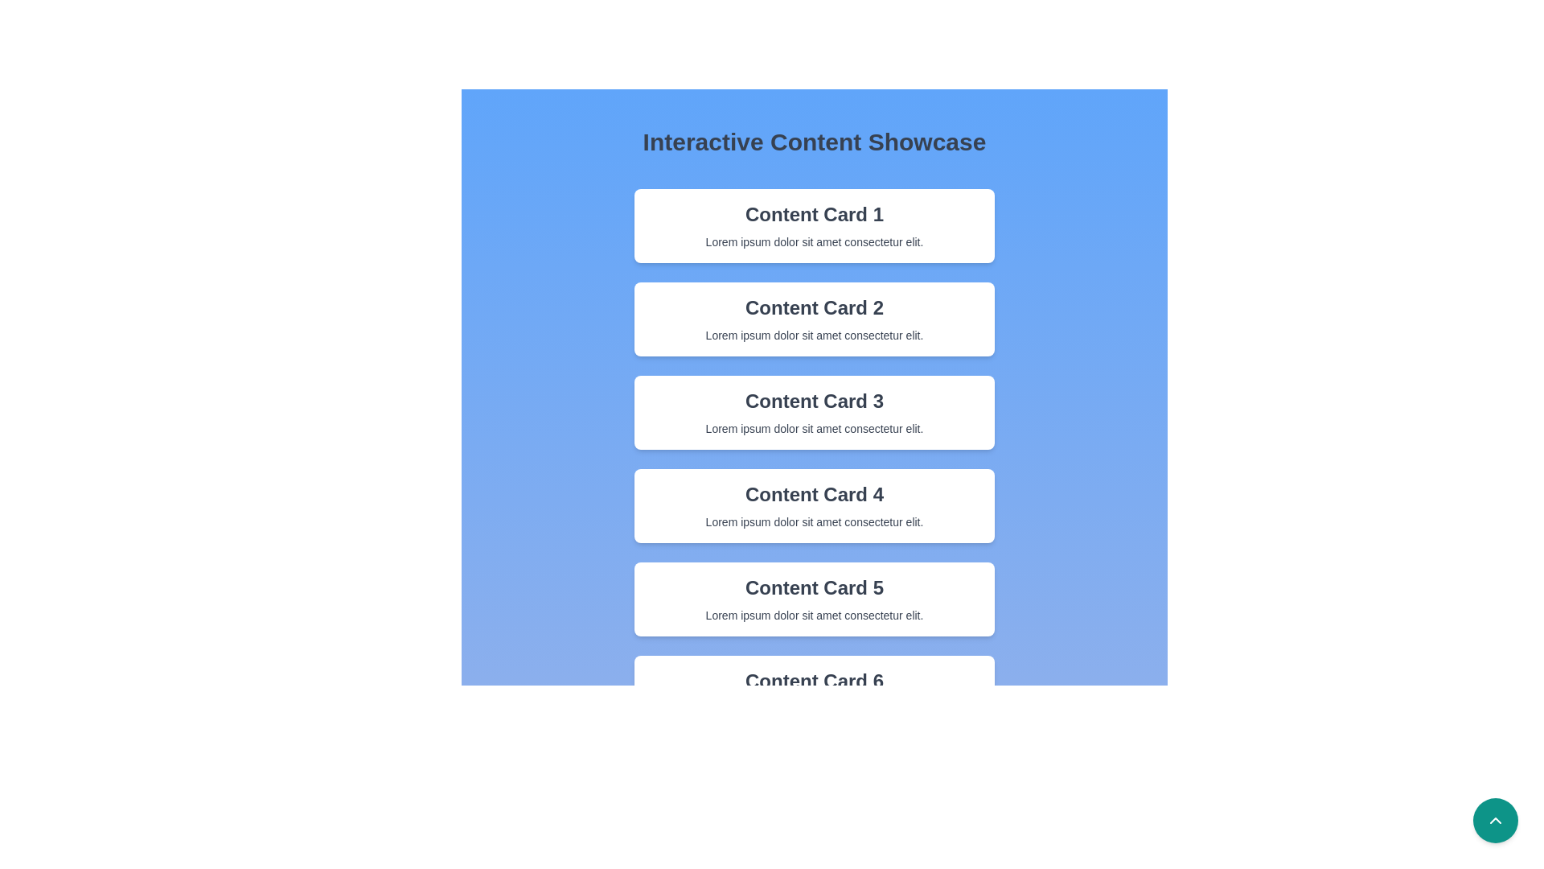 The height and width of the screenshot is (869, 1544). What do you see at coordinates (814, 427) in the screenshot?
I see `the static text component that serves as a descriptive subtitle for the card titled 'Content Card 3', positioned directly below the title within the vertically stacked cards` at bounding box center [814, 427].